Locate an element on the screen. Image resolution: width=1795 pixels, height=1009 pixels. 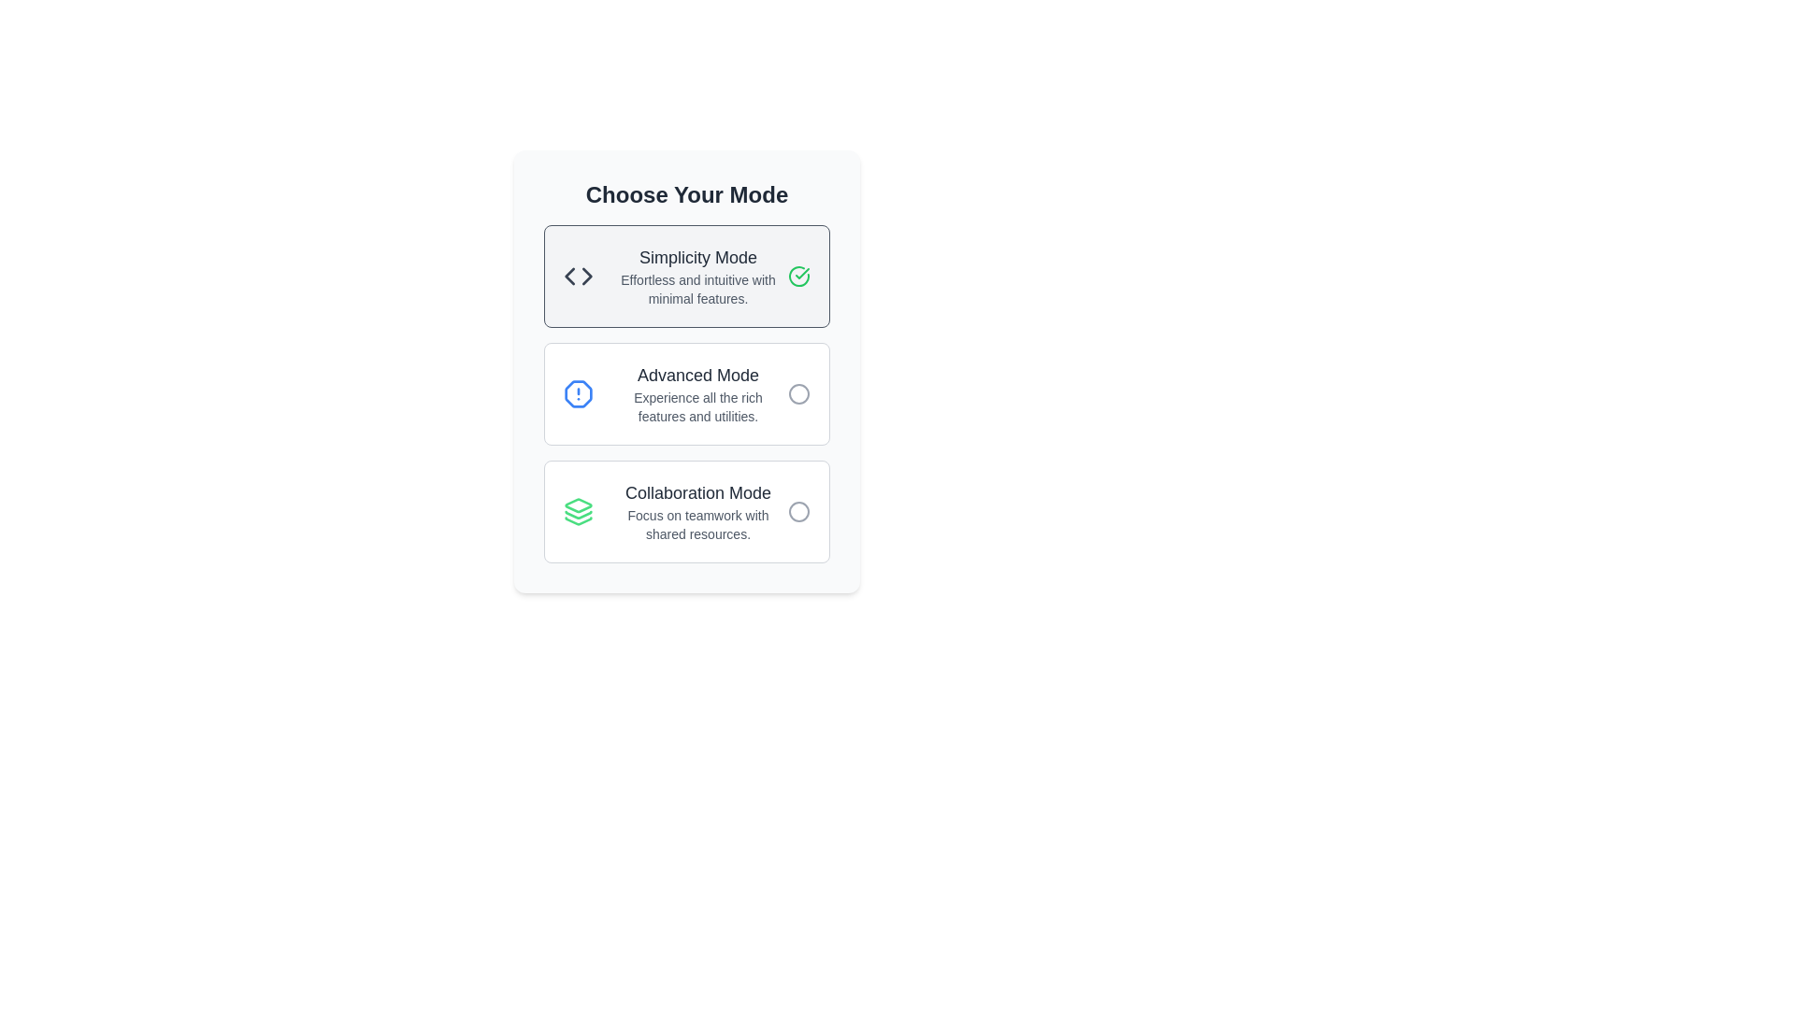
the 'Advanced Mode' selectable item, which is the second option in a vertical list of three mode options is located at coordinates (685, 392).